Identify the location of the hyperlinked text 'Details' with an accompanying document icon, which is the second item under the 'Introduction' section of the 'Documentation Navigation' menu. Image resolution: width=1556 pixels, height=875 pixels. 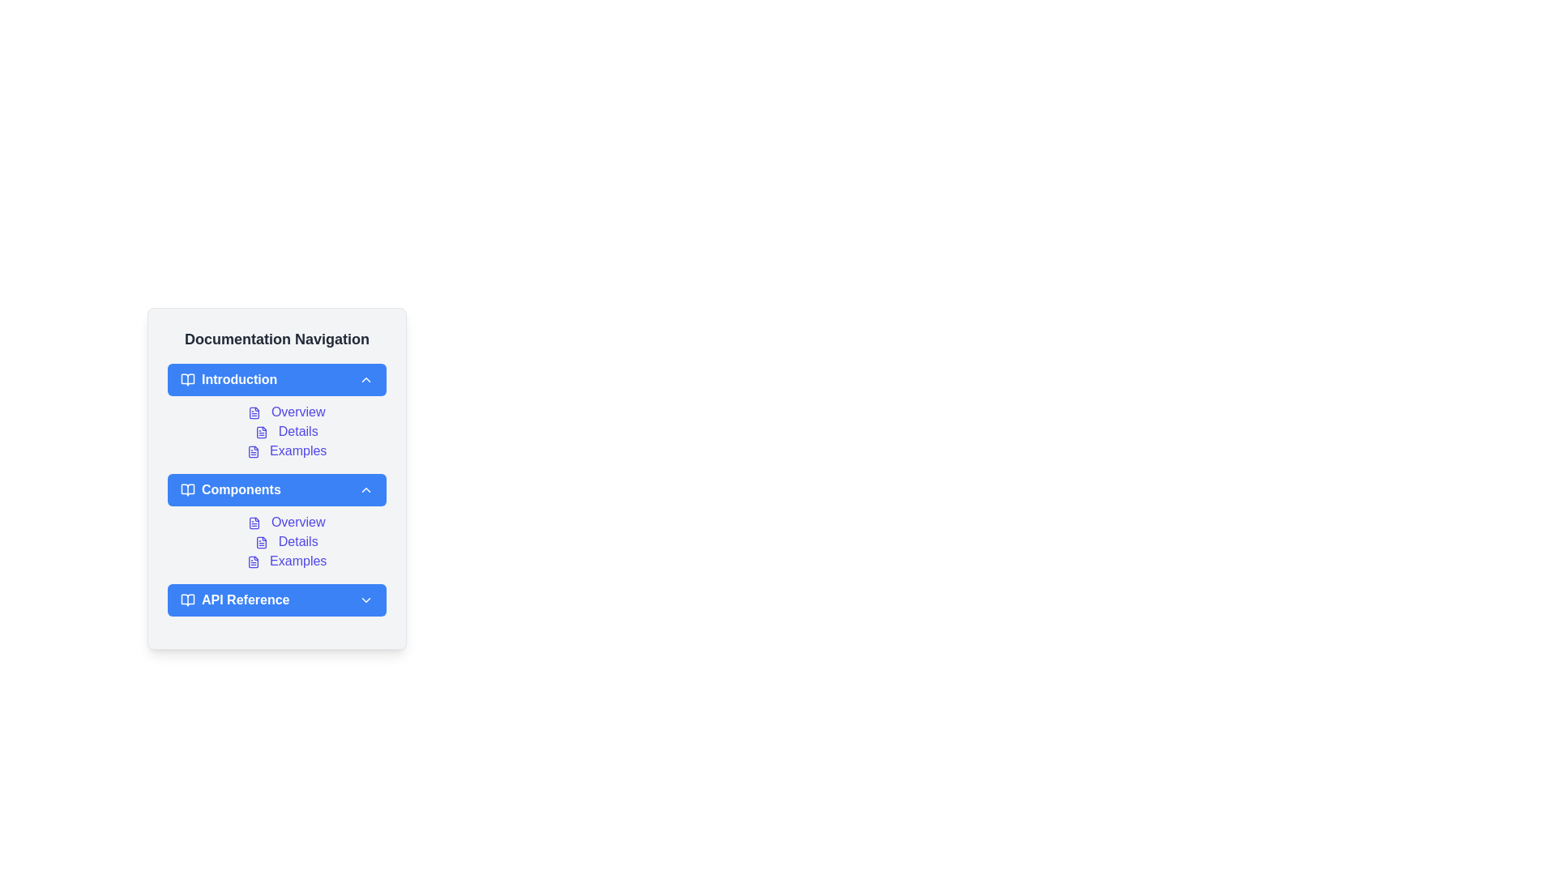
(276, 430).